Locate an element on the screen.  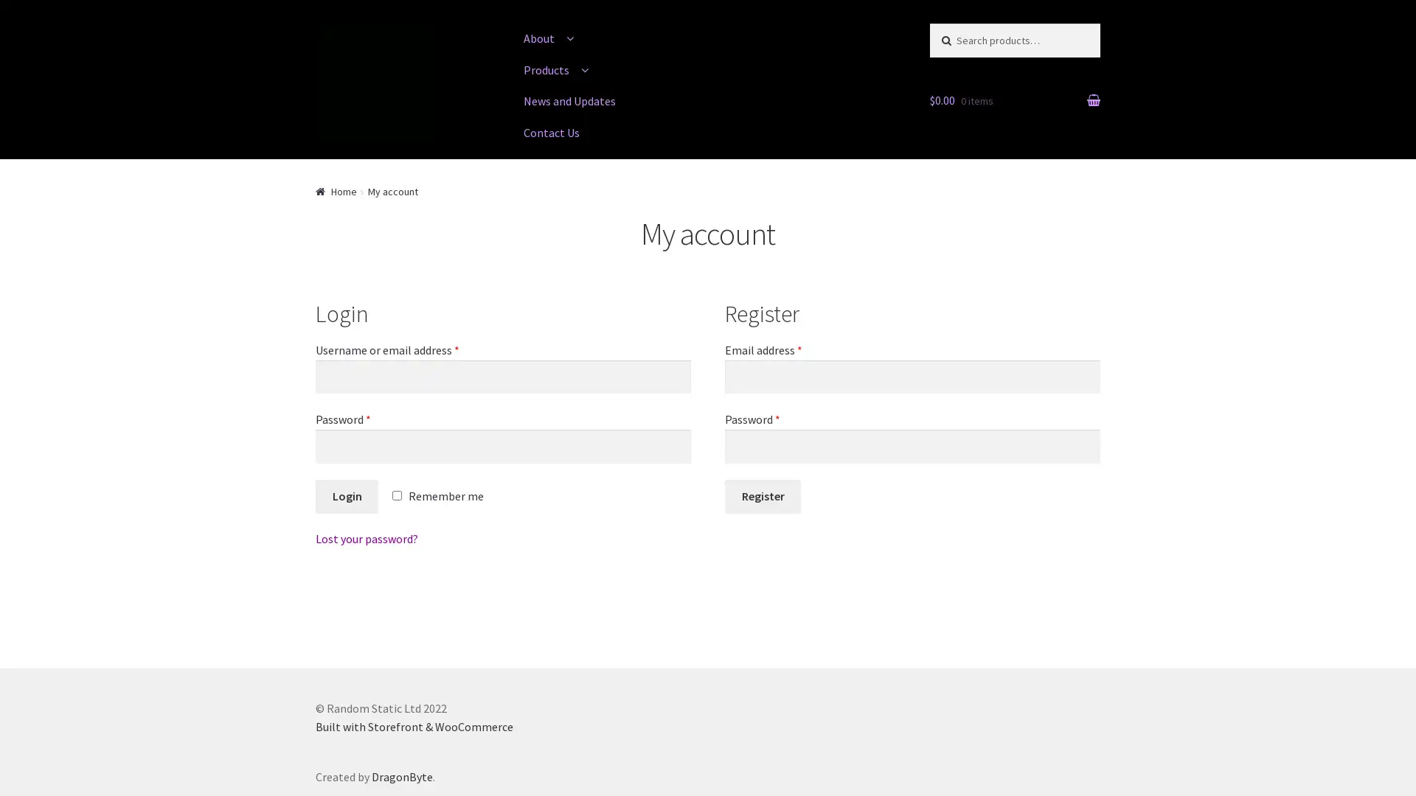
Search is located at coordinates (959, 37).